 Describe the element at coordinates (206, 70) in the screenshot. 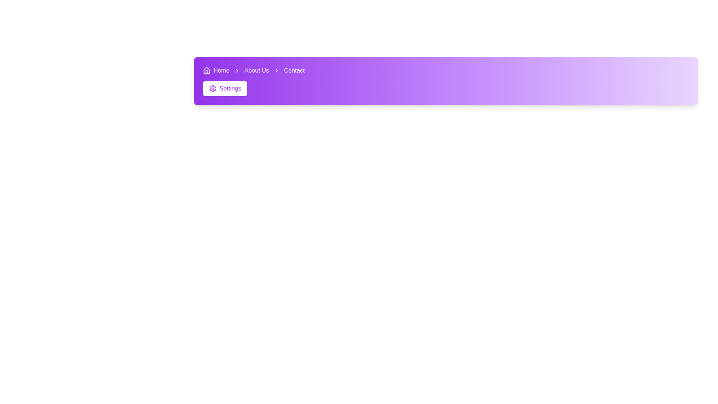

I see `the home icon located at the top-left corner of the navigation bar, which serves as a navigational element to the main page of the website` at that location.